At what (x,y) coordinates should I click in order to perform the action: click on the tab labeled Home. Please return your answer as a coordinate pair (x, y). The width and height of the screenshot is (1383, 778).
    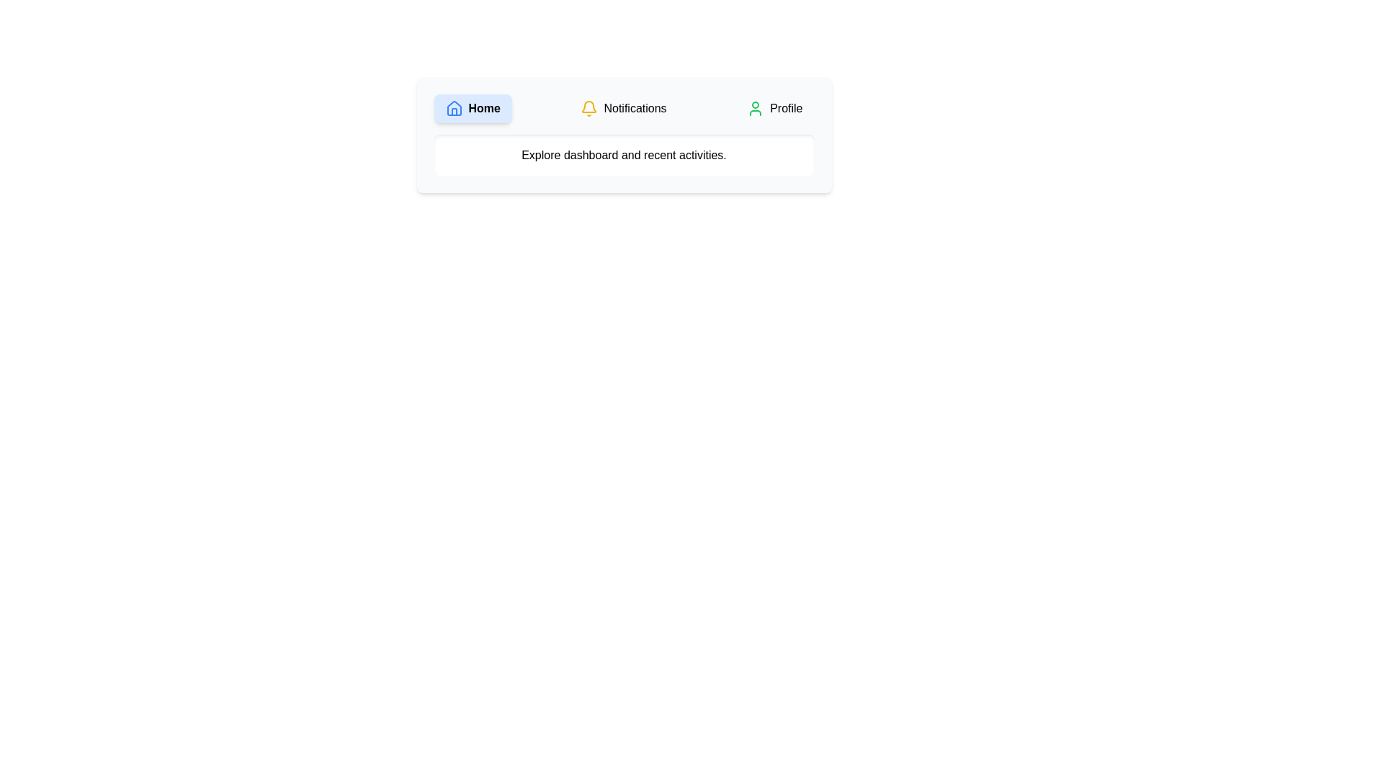
    Looking at the image, I should click on (473, 107).